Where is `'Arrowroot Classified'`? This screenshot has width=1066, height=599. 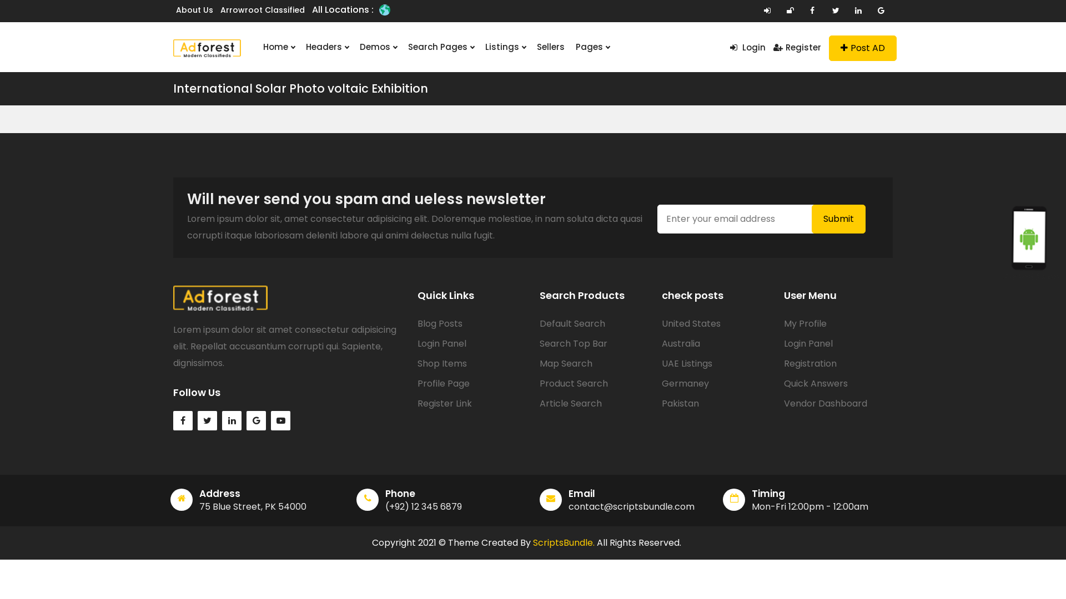
'Arrowroot Classified' is located at coordinates (262, 10).